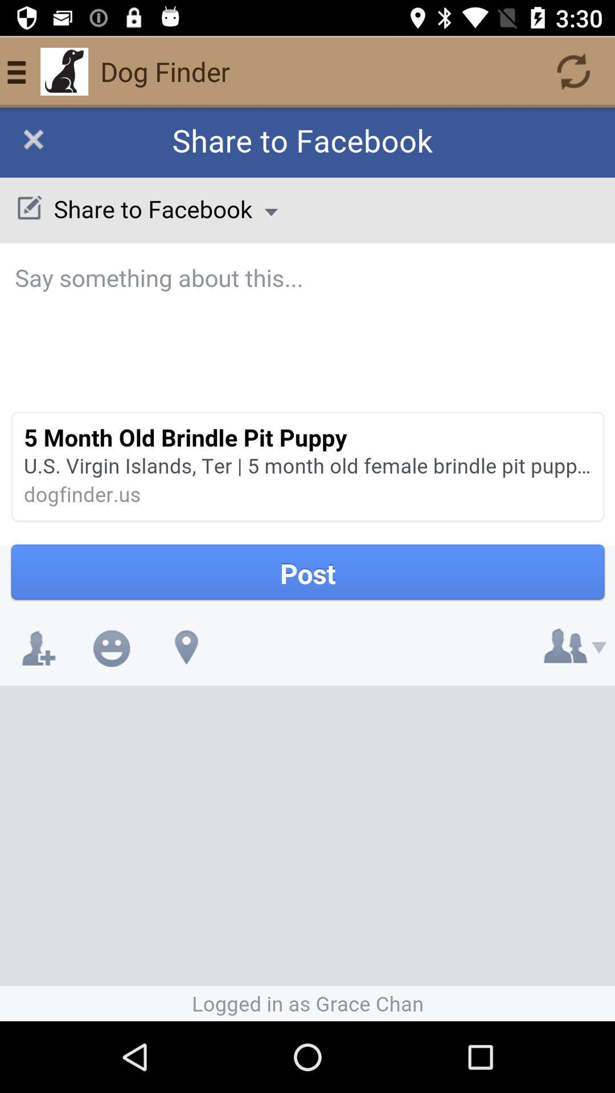 The height and width of the screenshot is (1093, 615). I want to click on the refresh icon, so click(573, 71).